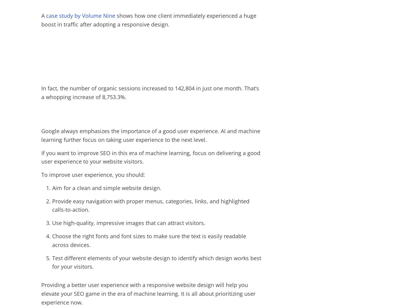 The width and height of the screenshot is (412, 306). Describe the element at coordinates (52, 205) in the screenshot. I see `'Provide easy navigation with proper menus, categories, links, and highlighted calls-to-action.'` at that location.